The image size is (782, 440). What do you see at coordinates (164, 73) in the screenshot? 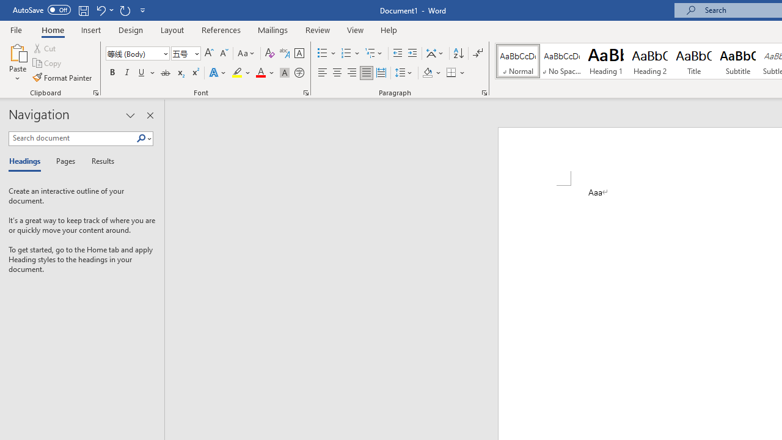
I see `'Strikethrough'` at bounding box center [164, 73].